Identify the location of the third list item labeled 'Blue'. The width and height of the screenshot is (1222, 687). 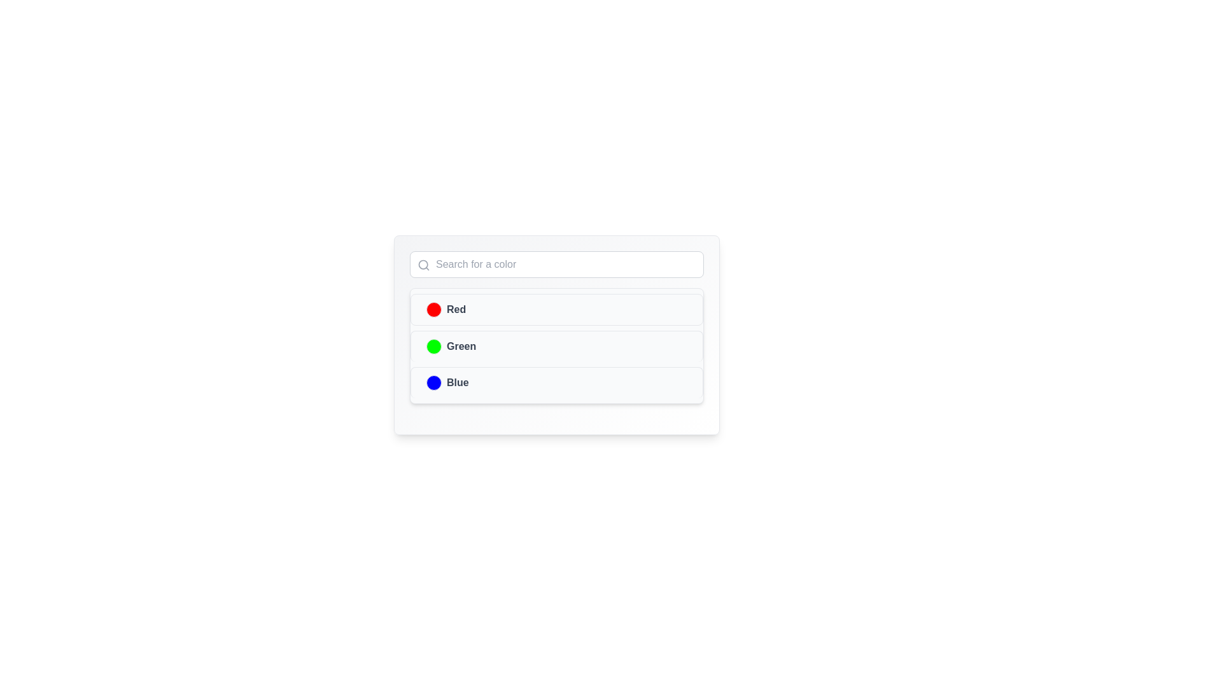
(556, 382).